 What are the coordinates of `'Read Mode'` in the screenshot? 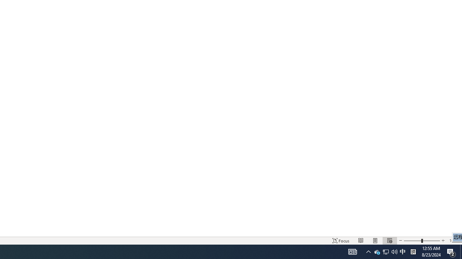 It's located at (361, 241).